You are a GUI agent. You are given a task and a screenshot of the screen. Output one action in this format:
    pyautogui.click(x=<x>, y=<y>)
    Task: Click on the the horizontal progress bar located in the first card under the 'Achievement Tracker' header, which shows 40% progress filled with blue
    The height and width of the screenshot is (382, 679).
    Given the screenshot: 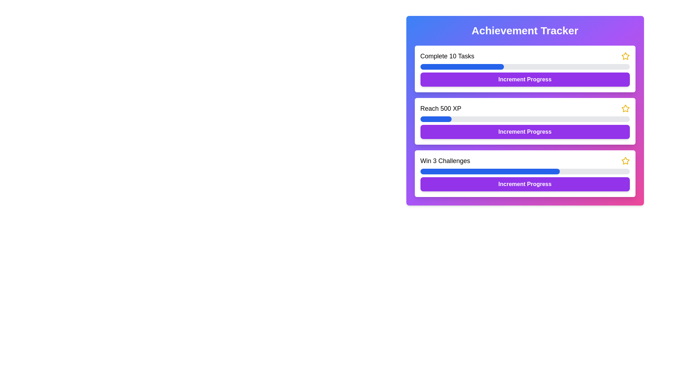 What is the action you would take?
    pyautogui.click(x=525, y=67)
    